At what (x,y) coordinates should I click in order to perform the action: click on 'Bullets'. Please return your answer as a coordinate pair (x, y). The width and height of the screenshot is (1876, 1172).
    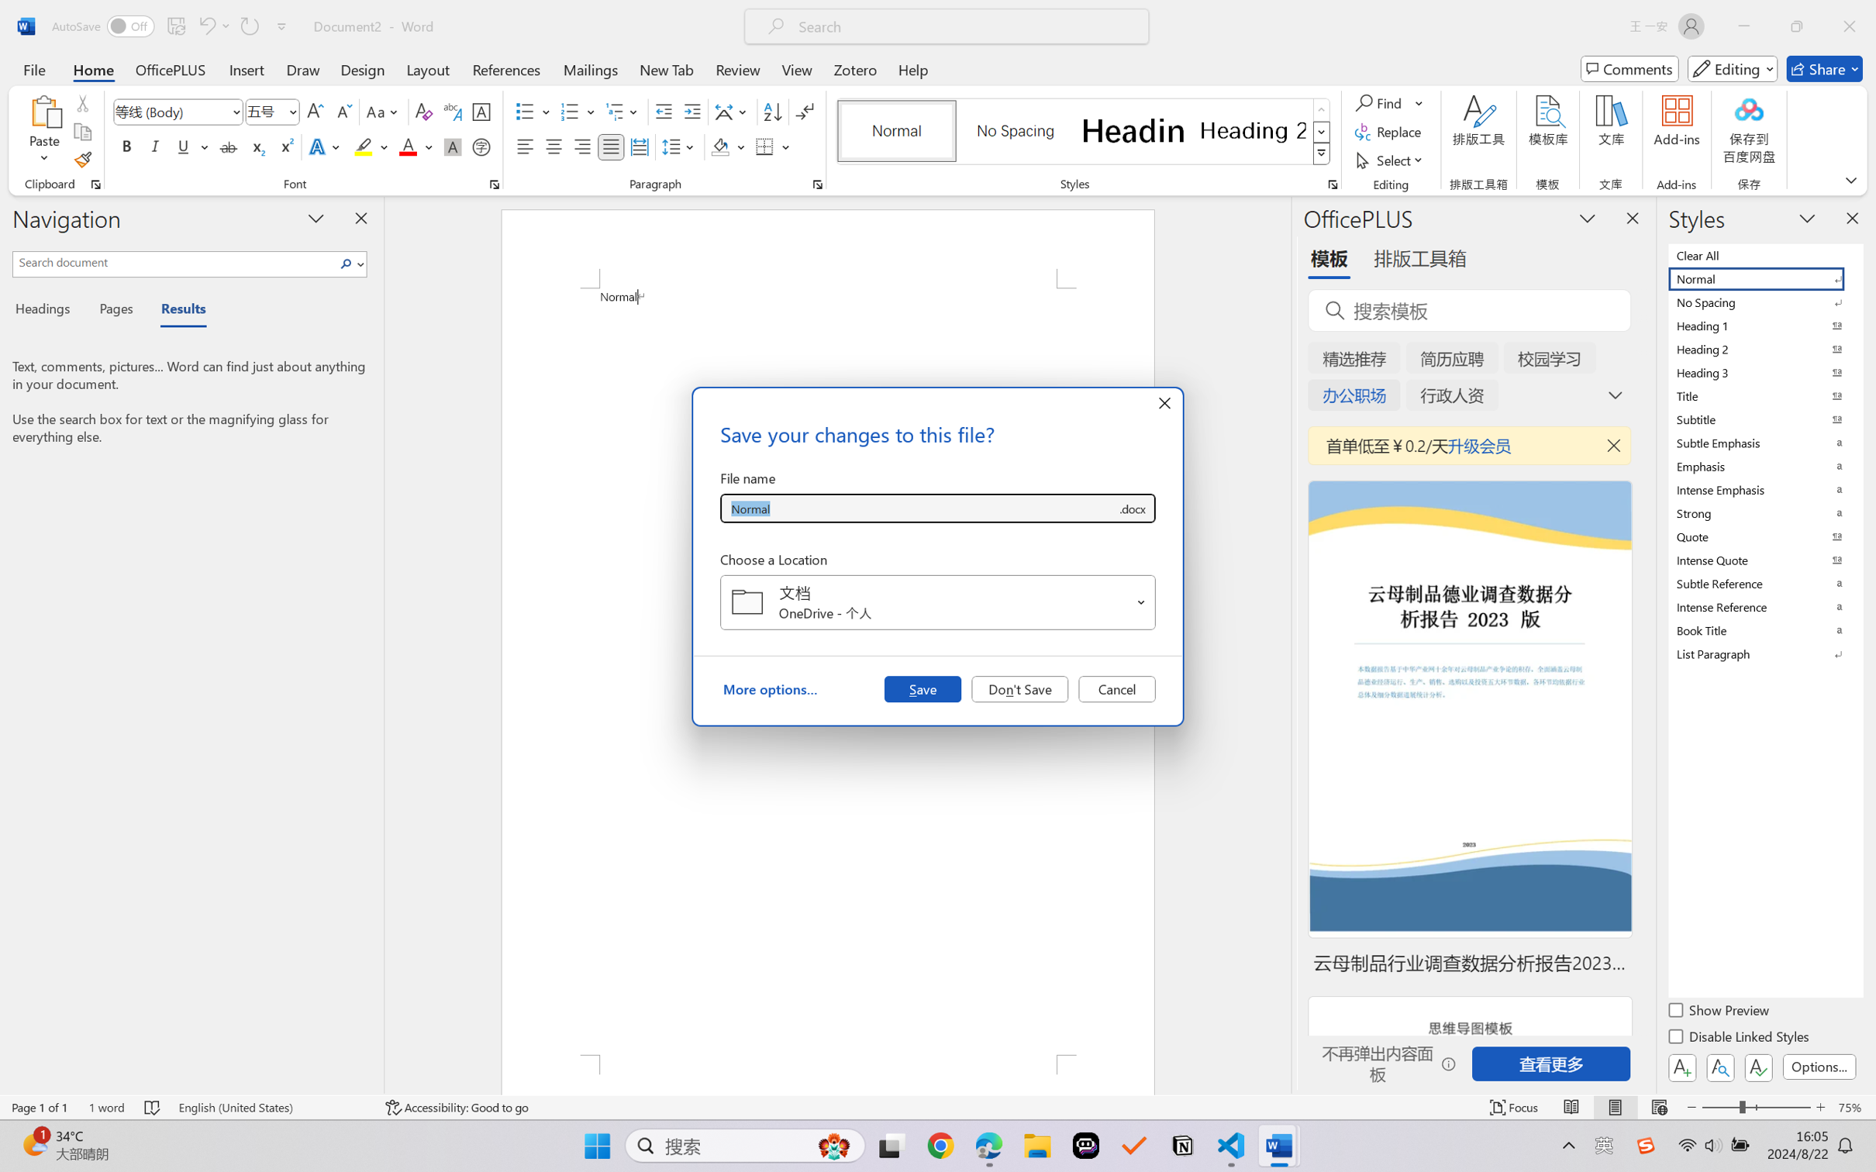
    Looking at the image, I should click on (525, 112).